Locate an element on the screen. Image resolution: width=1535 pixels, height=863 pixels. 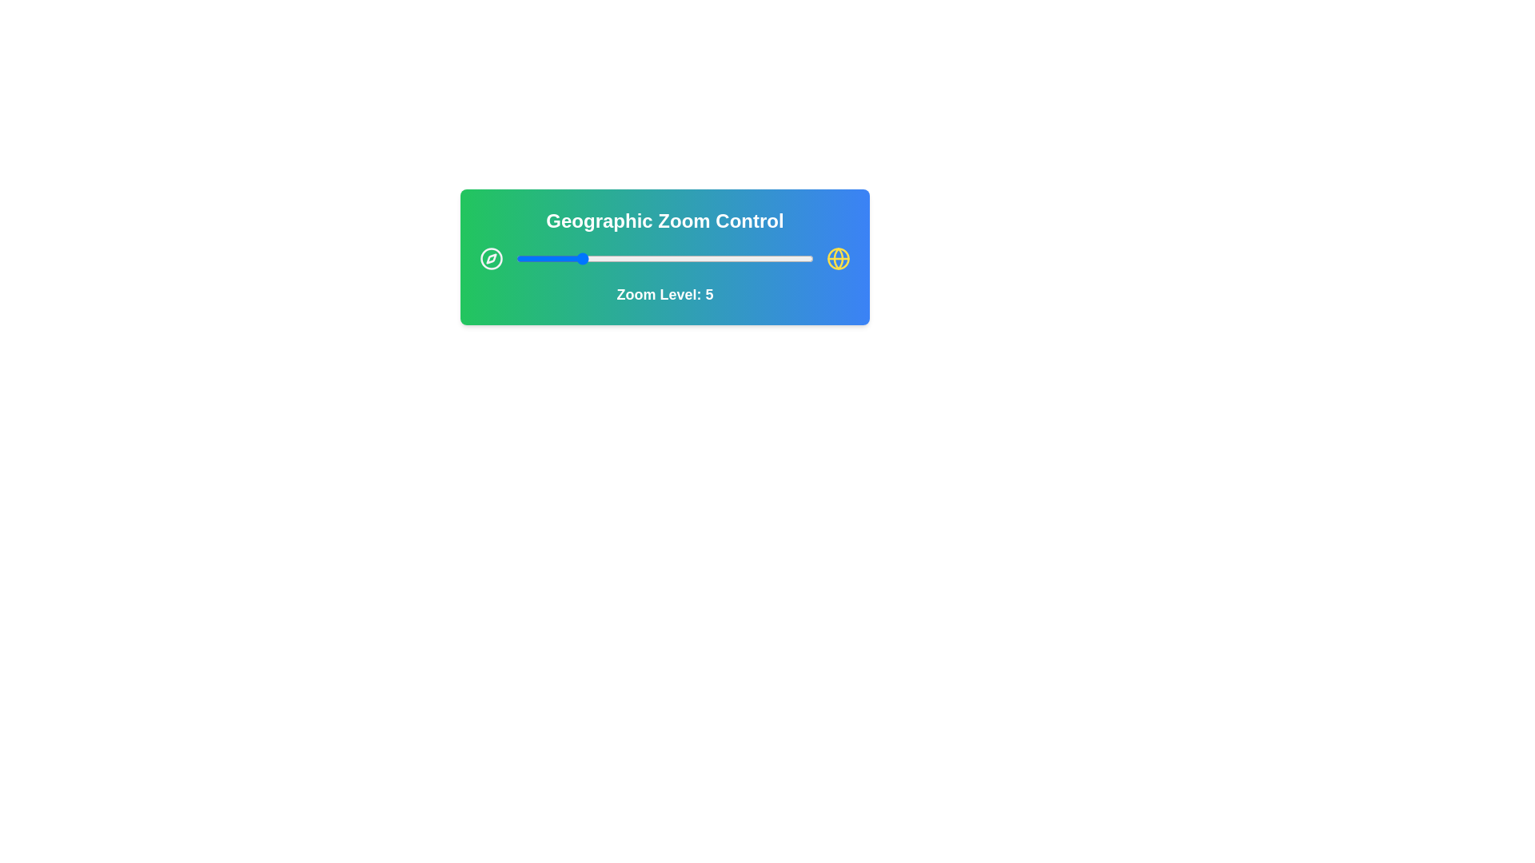
the zoom level to 4 by interacting with the slider is located at coordinates (563, 258).